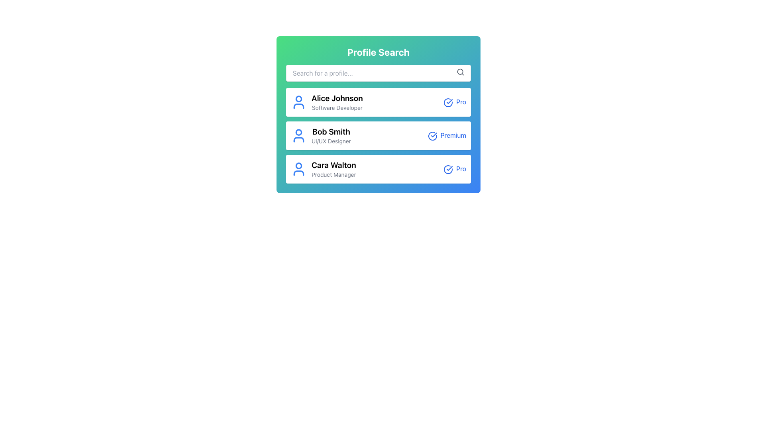  Describe the element at coordinates (378, 115) in the screenshot. I see `the first profile card in the vertically aligned list of profile cards, specifically targeting the name, title, or badge components` at that location.